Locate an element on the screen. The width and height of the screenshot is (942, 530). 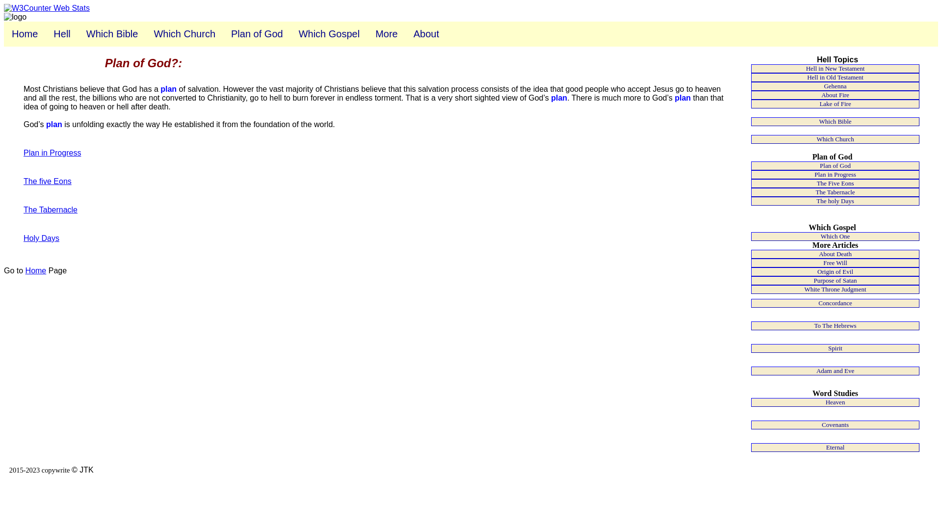
'The Tabernacle' is located at coordinates (835, 192).